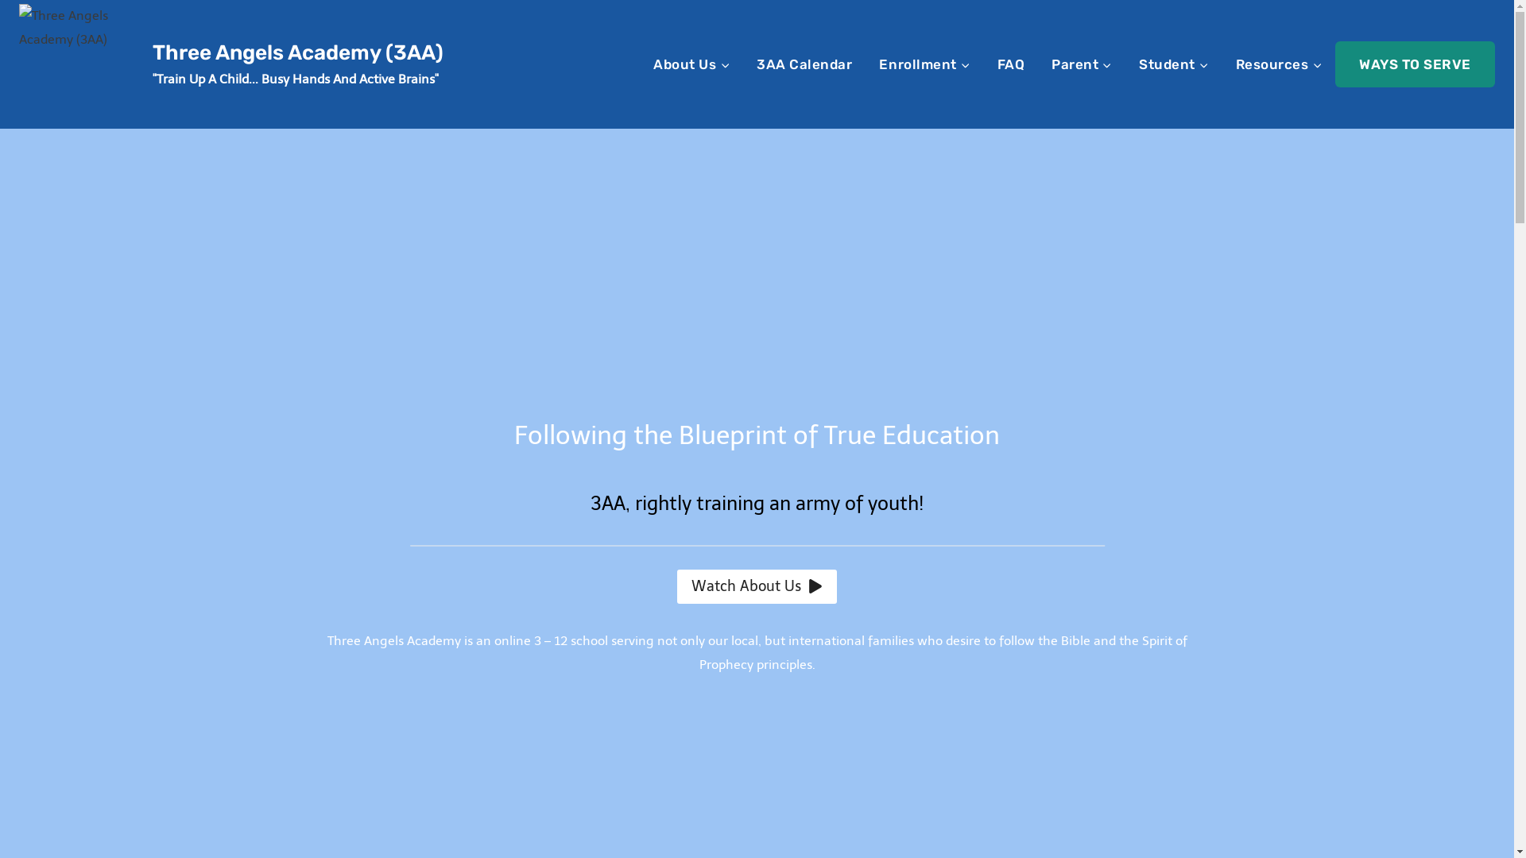 This screenshot has height=858, width=1526. Describe the element at coordinates (804, 63) in the screenshot. I see `'3AA Calendar'` at that location.